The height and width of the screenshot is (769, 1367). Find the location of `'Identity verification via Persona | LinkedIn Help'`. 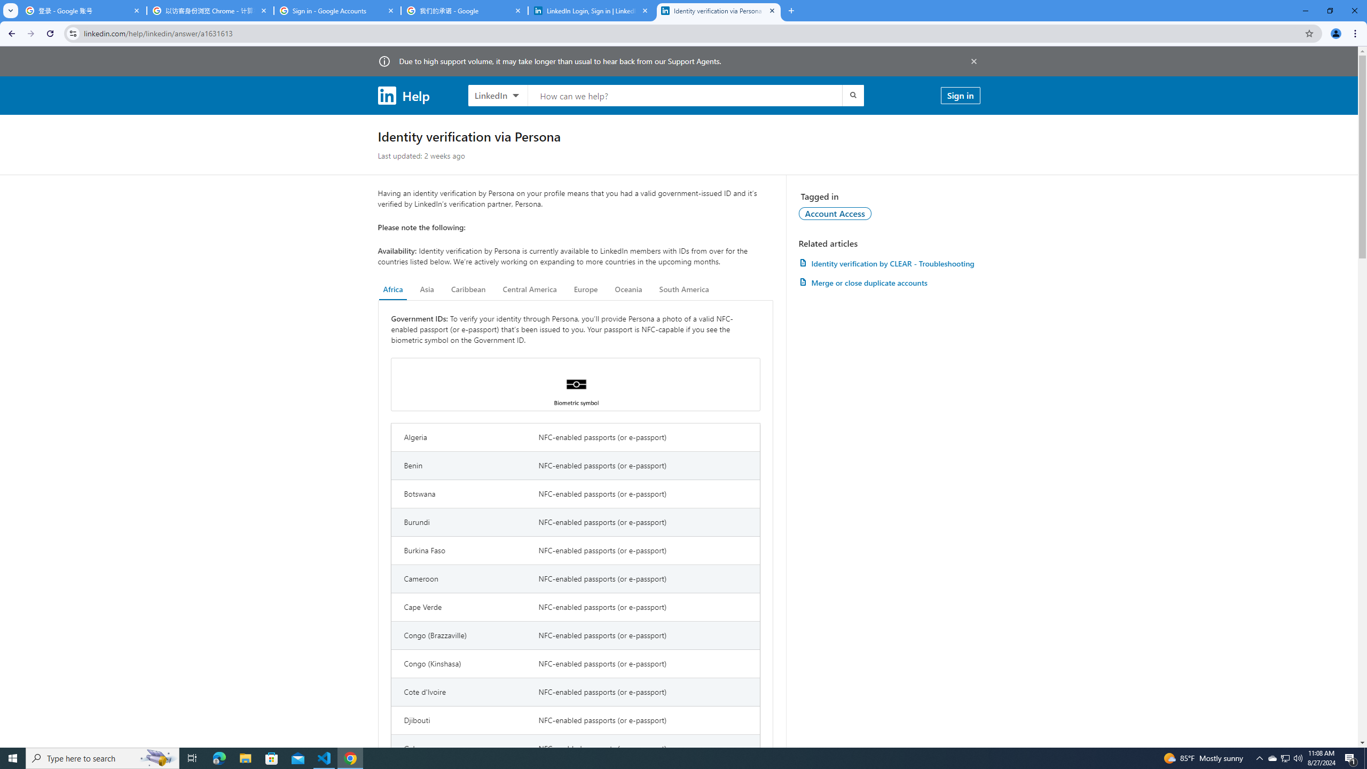

'Identity verification via Persona | LinkedIn Help' is located at coordinates (718, 10).